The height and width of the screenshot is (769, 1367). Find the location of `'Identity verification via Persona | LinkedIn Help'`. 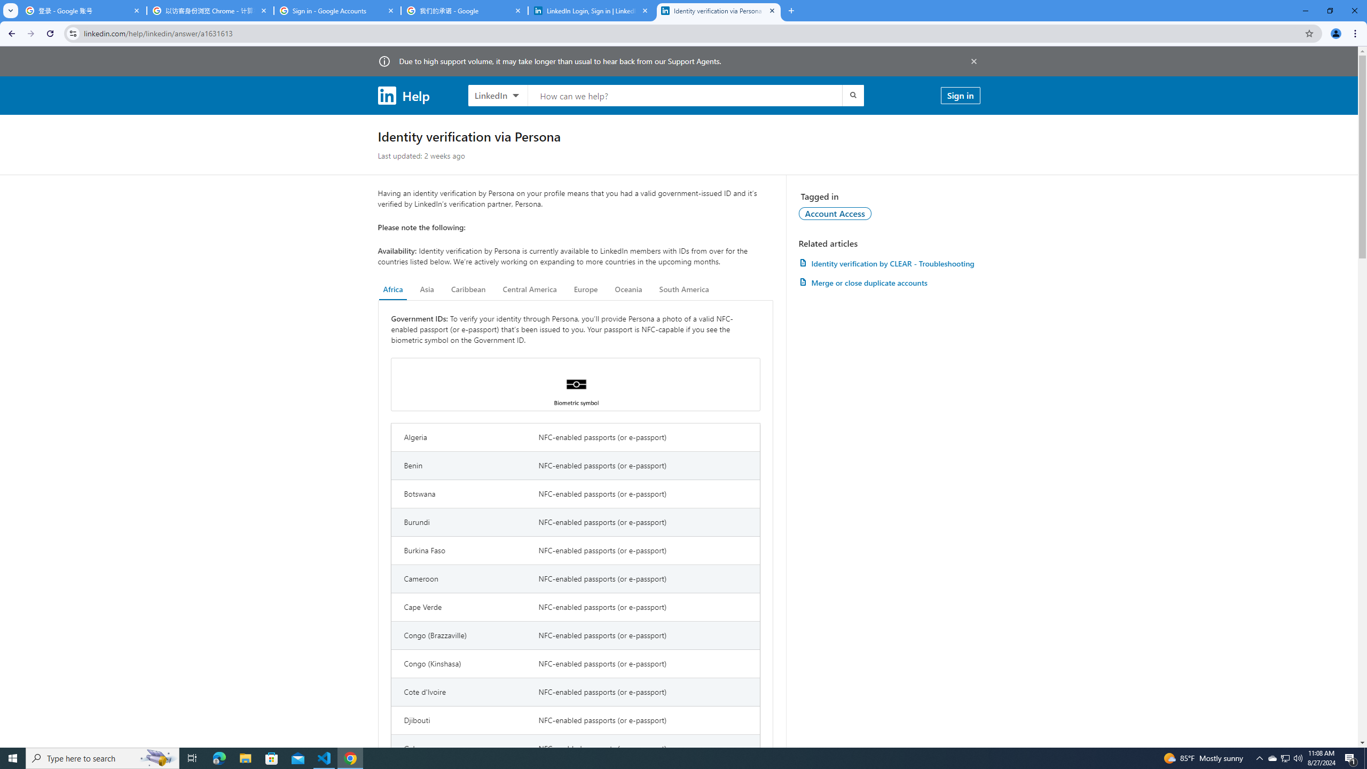

'Identity verification via Persona | LinkedIn Help' is located at coordinates (718, 10).